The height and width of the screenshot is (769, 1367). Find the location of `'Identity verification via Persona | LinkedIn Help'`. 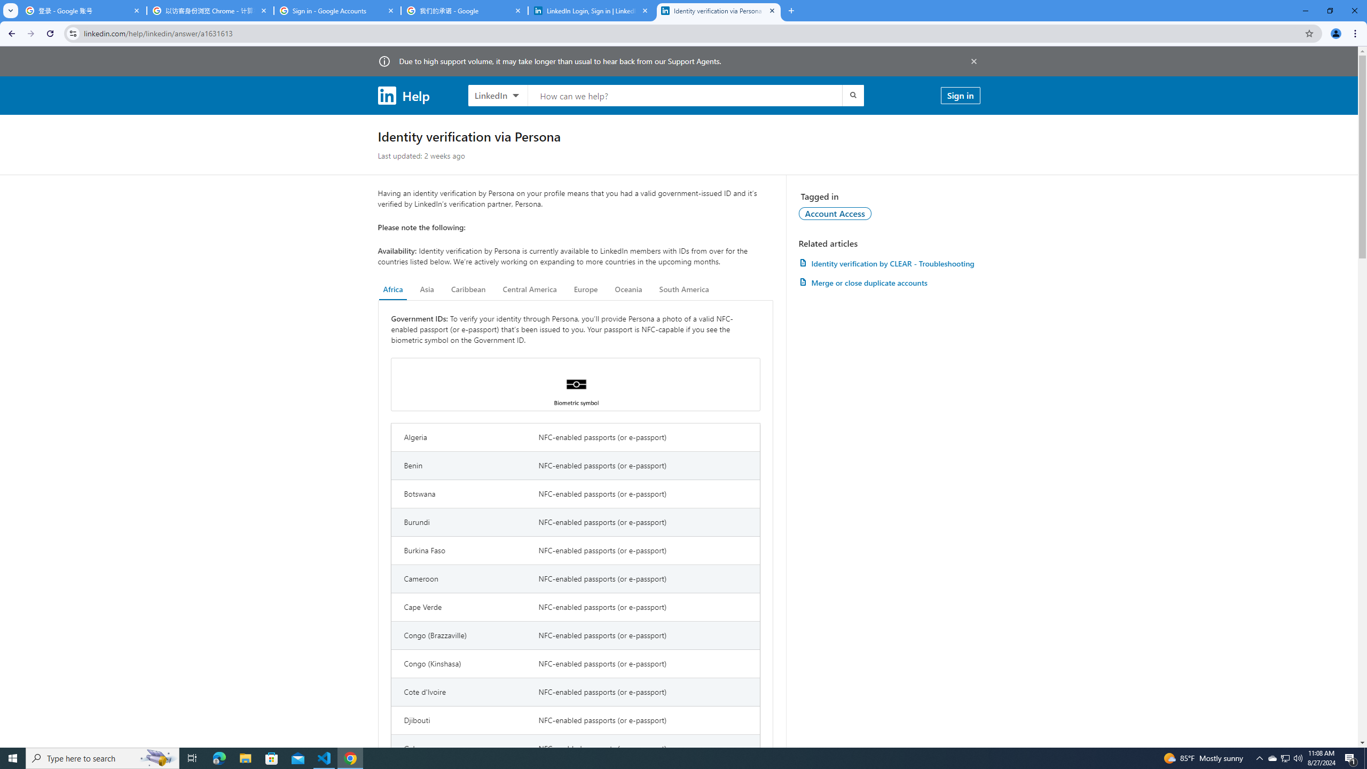

'Identity verification via Persona | LinkedIn Help' is located at coordinates (718, 10).